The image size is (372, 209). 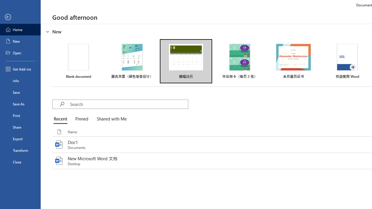 I want to click on 'Blank document', so click(x=78, y=61).